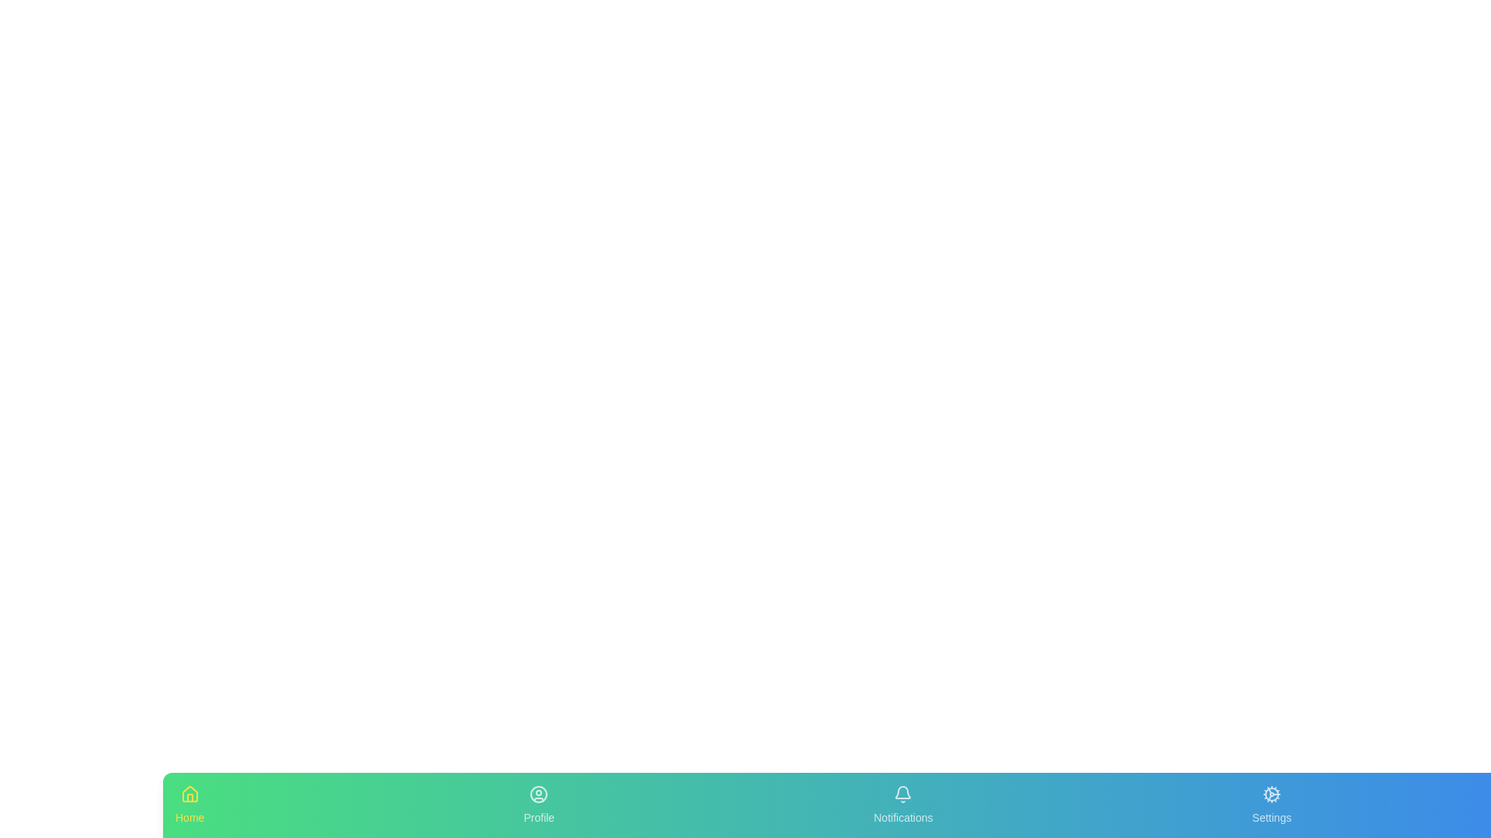 Image resolution: width=1491 pixels, height=838 pixels. I want to click on the Home tab in the bottom navigation, so click(189, 804).